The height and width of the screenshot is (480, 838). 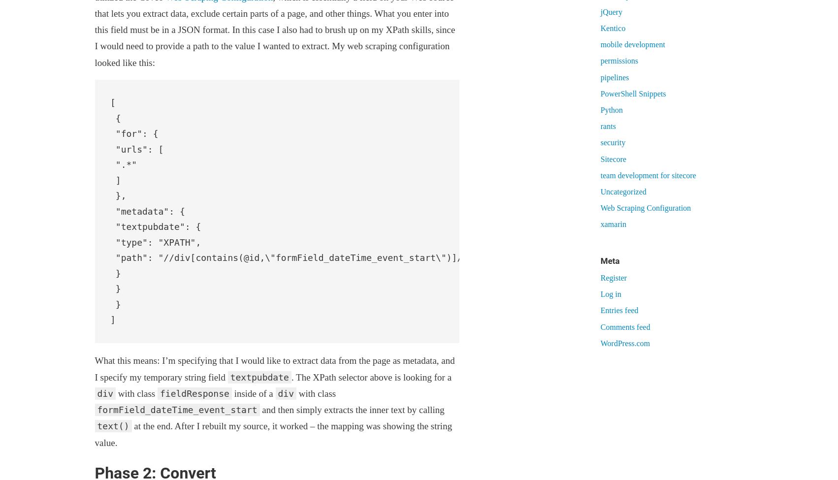 I want to click on 'Register', so click(x=613, y=277).